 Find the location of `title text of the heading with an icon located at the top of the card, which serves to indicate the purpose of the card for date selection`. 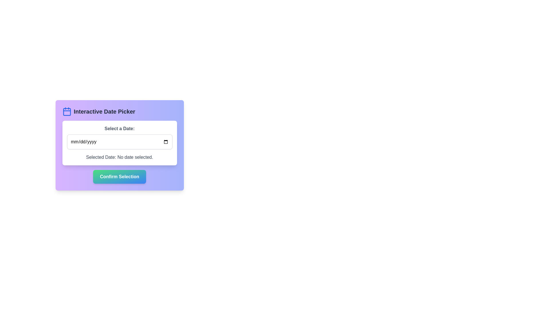

title text of the heading with an icon located at the top of the card, which serves to indicate the purpose of the card for date selection is located at coordinates (119, 111).